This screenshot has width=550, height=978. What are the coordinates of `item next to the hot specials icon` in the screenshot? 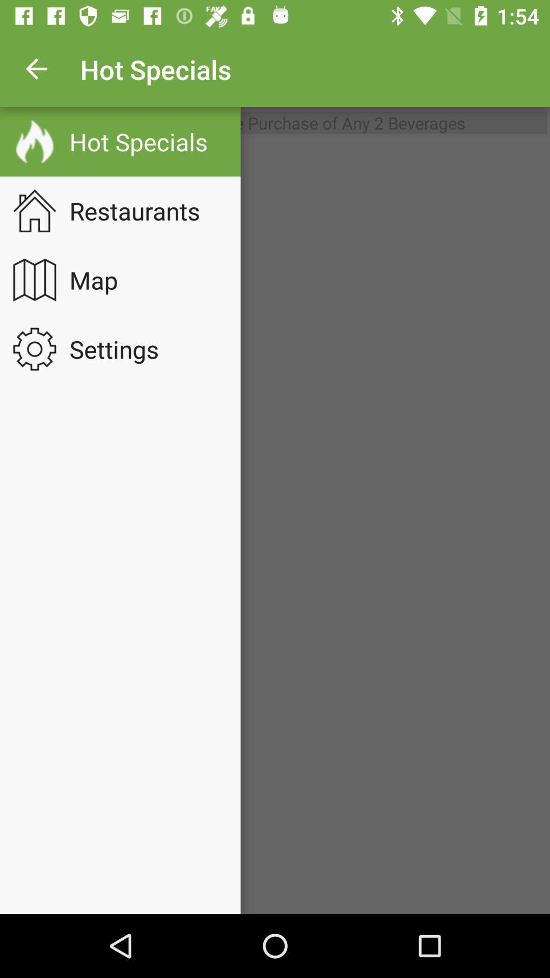 It's located at (37, 69).